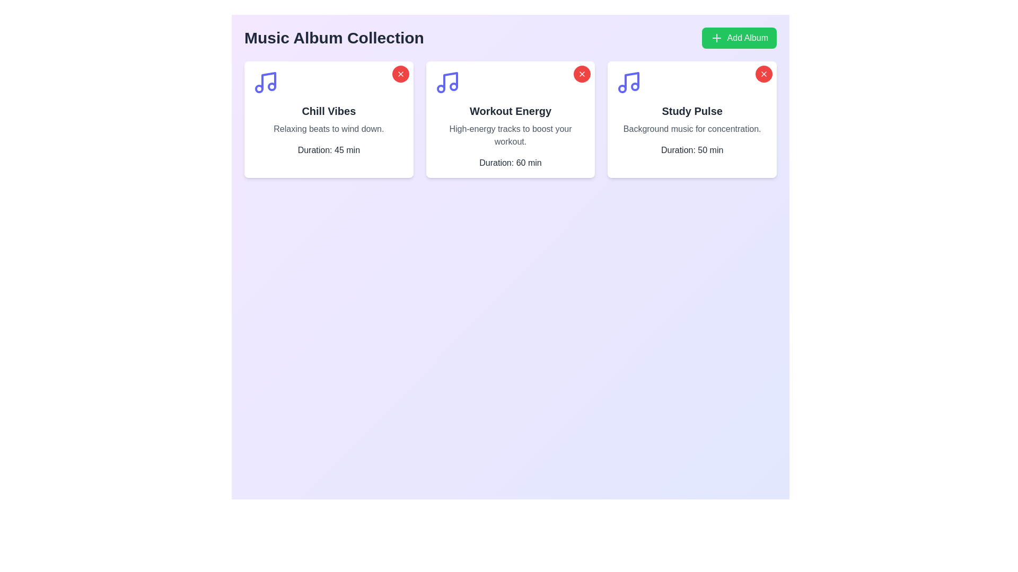 Image resolution: width=1018 pixels, height=572 pixels. What do you see at coordinates (763, 73) in the screenshot?
I see `the small 'X' icon with a red circular background located in the top-right corner of the 'Study Pulse' card` at bounding box center [763, 73].